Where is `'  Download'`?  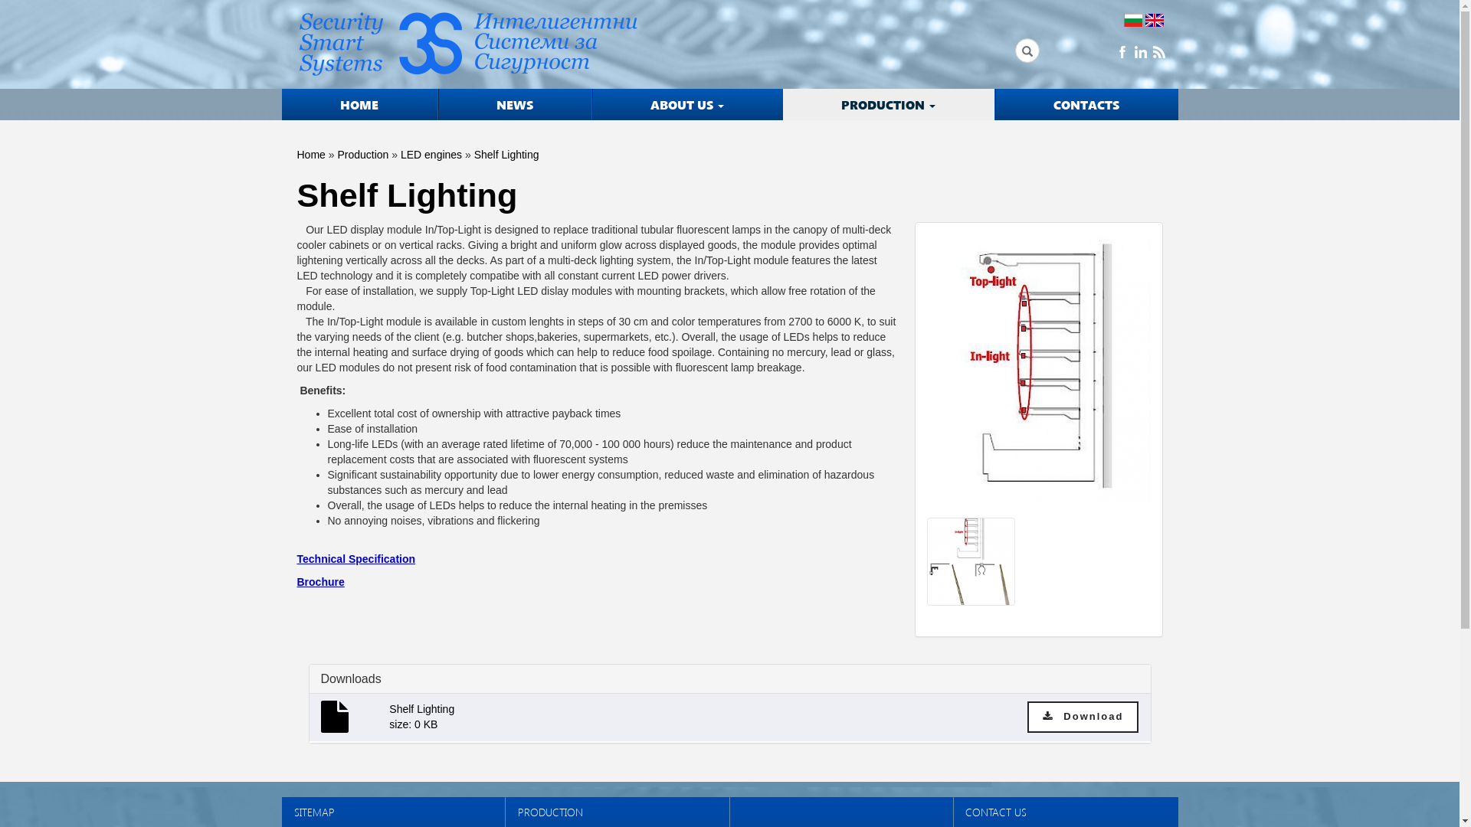 '  Download' is located at coordinates (1082, 717).